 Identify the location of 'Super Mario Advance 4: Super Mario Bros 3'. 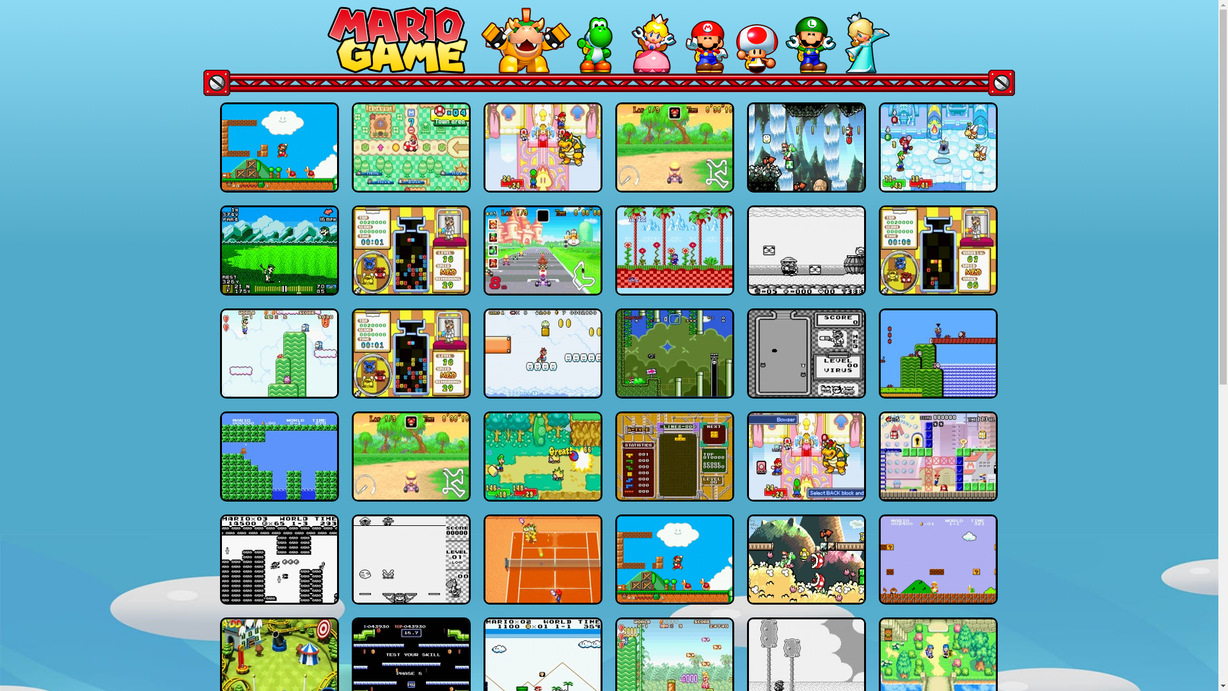
(543, 352).